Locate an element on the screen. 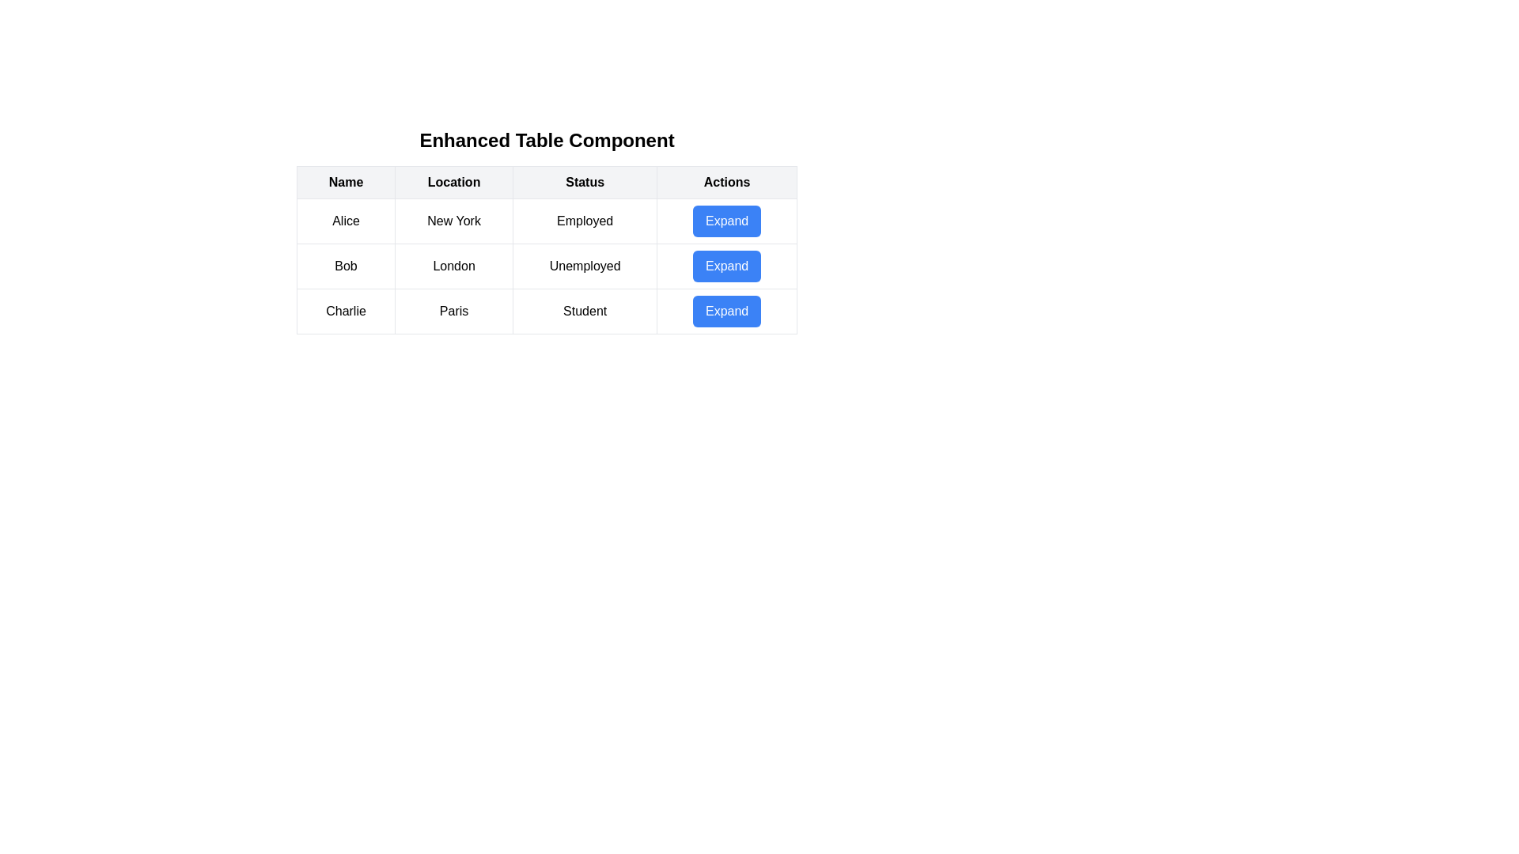 The width and height of the screenshot is (1519, 854). the static text label displaying the status of Charlie in the 'Status' column of the table is located at coordinates (584, 311).